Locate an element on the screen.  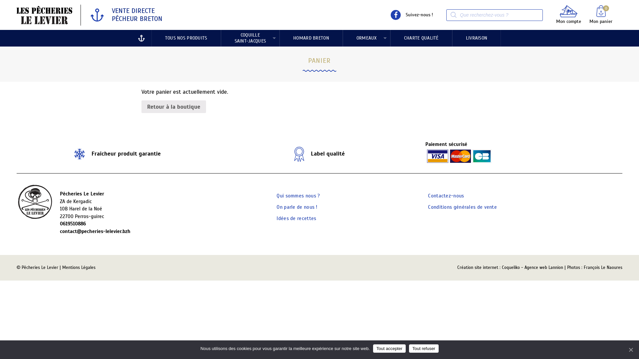
'Mon panier is located at coordinates (601, 15).